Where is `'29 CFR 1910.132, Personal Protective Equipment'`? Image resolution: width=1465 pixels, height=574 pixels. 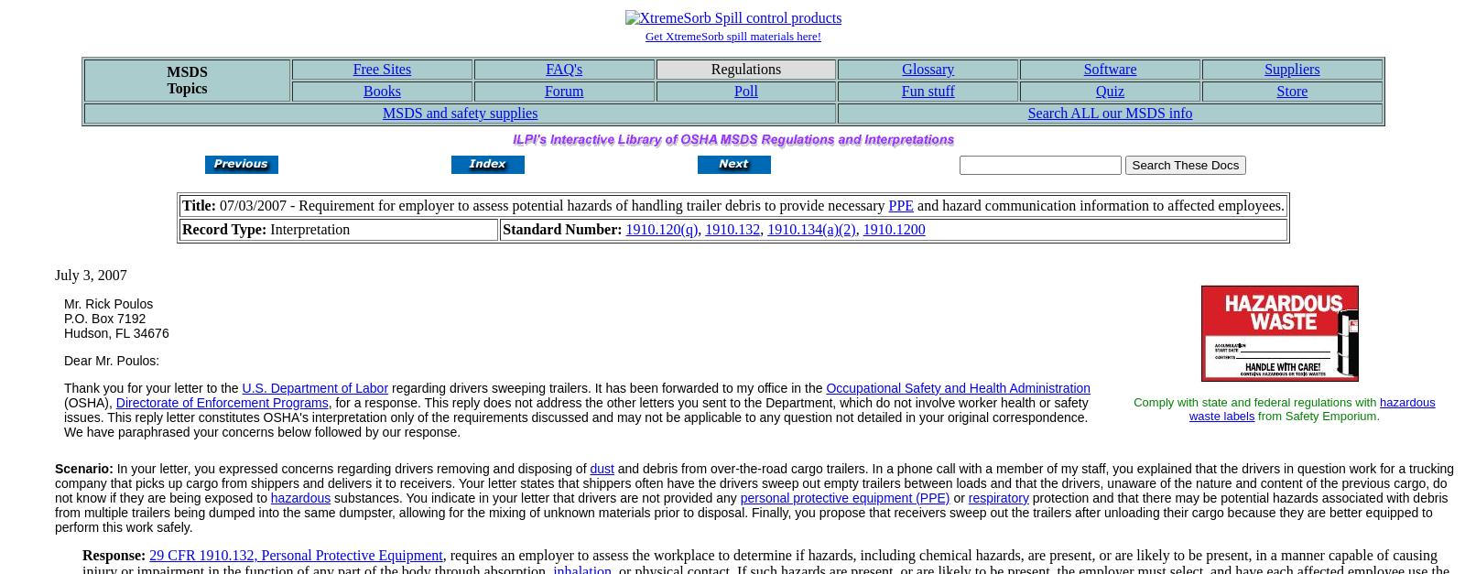 '29 CFR 1910.132, Personal Protective Equipment' is located at coordinates (148, 555).